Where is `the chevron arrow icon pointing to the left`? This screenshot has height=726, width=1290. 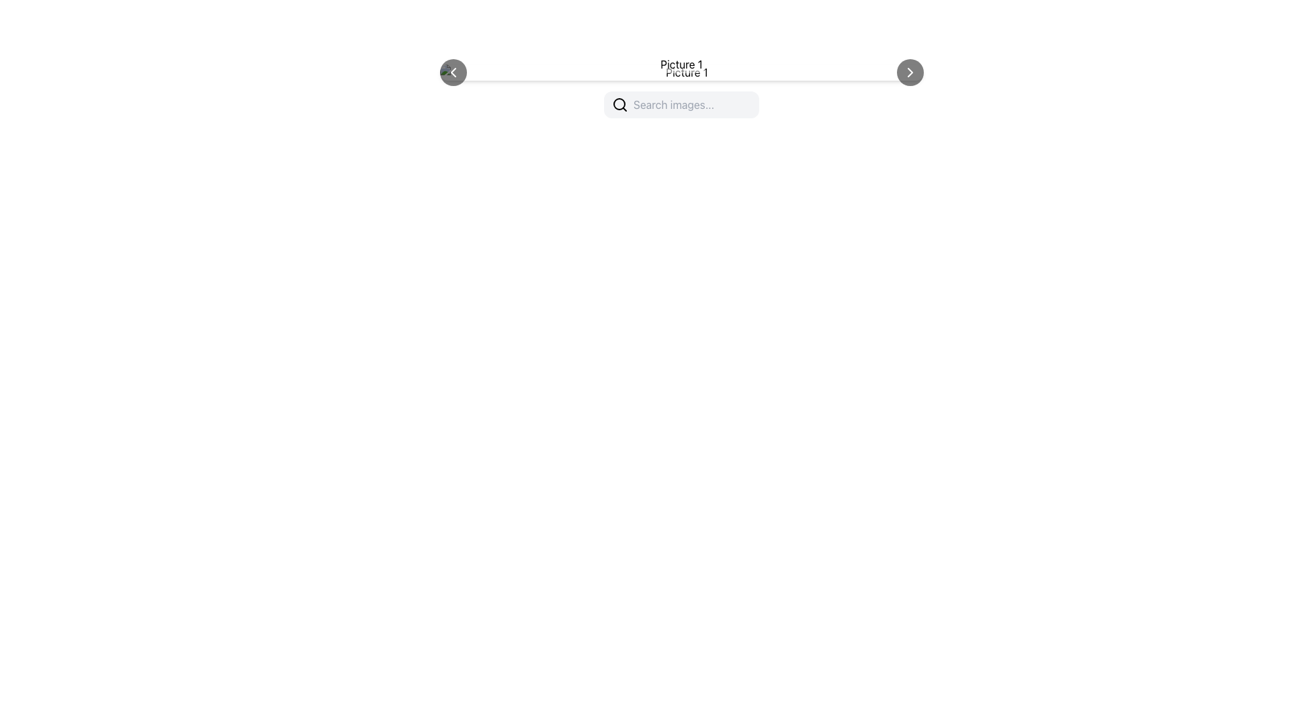 the chevron arrow icon pointing to the left is located at coordinates (453, 73).